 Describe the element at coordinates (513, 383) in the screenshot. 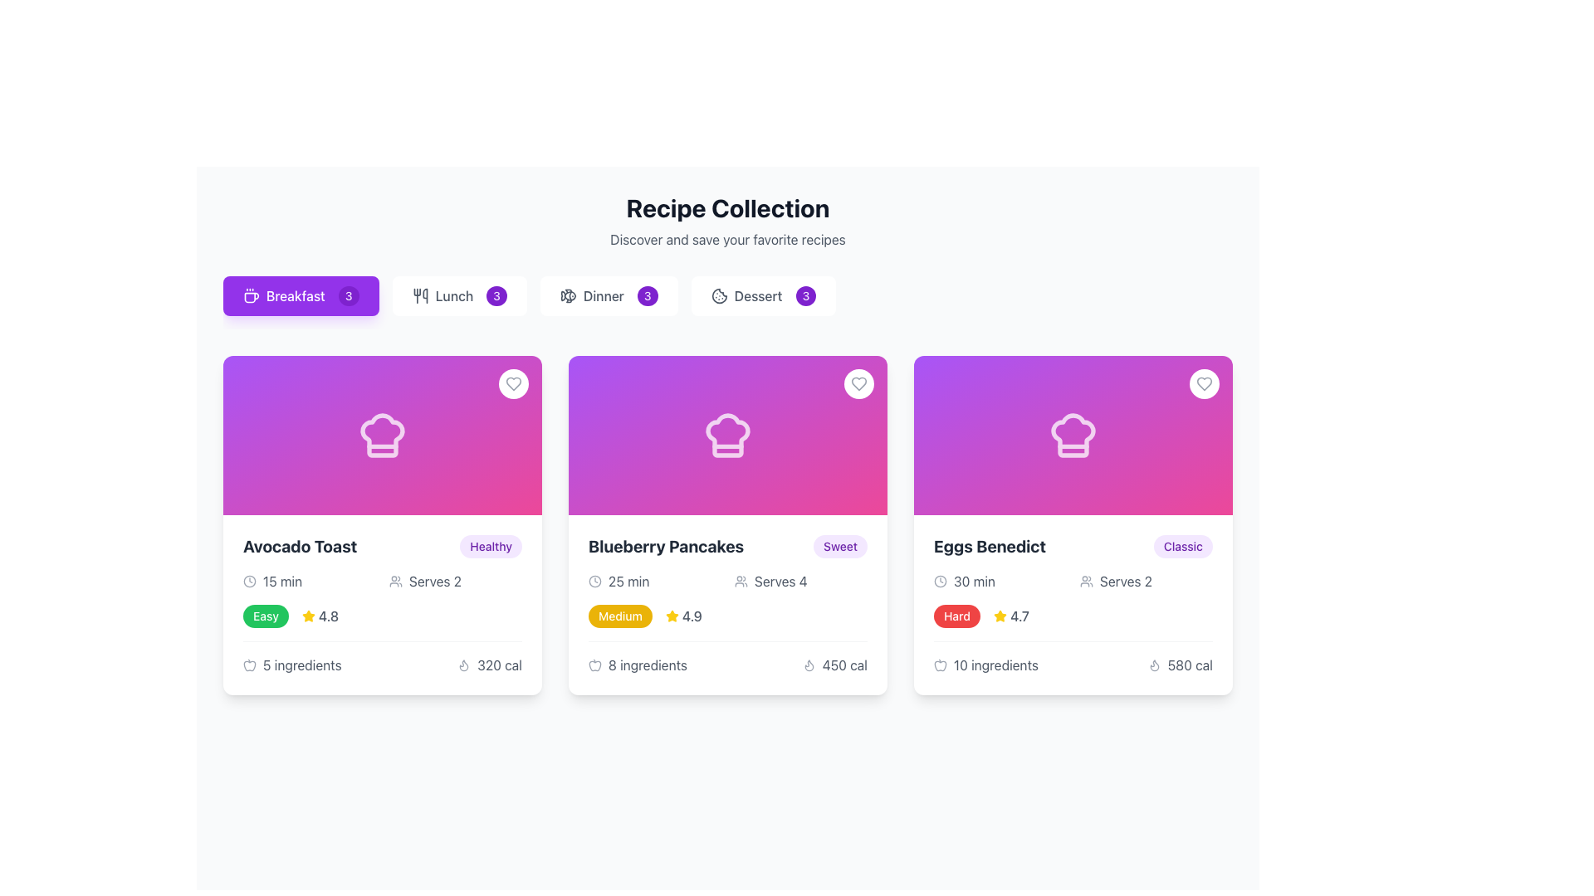

I see `the circular button with a white background and a gray outlined heart icon, located in the top-right corner of the Avocado Toast card` at that location.